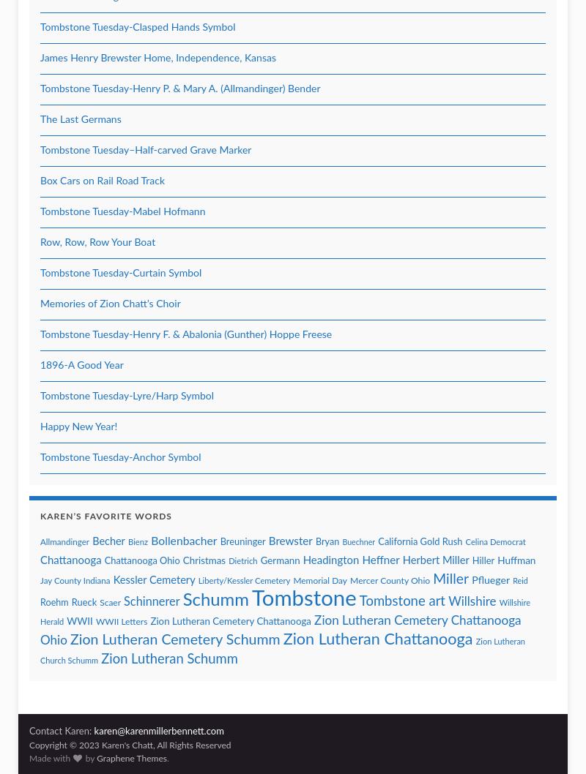 This screenshot has height=774, width=586. What do you see at coordinates (495, 542) in the screenshot?
I see `'Celina Democrat'` at bounding box center [495, 542].